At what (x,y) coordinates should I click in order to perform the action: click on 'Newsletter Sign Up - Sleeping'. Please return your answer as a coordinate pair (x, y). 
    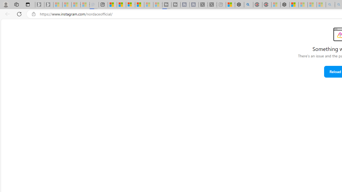
    Looking at the image, I should click on (49, 5).